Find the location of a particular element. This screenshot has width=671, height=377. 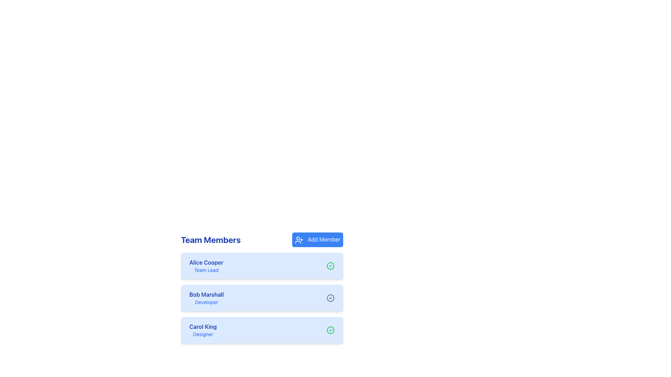

the informational card displaying the team member's name and role, located in the second row of the 'Team Members' section, between 'Alice Cooper' and 'Carol King' is located at coordinates (261, 288).